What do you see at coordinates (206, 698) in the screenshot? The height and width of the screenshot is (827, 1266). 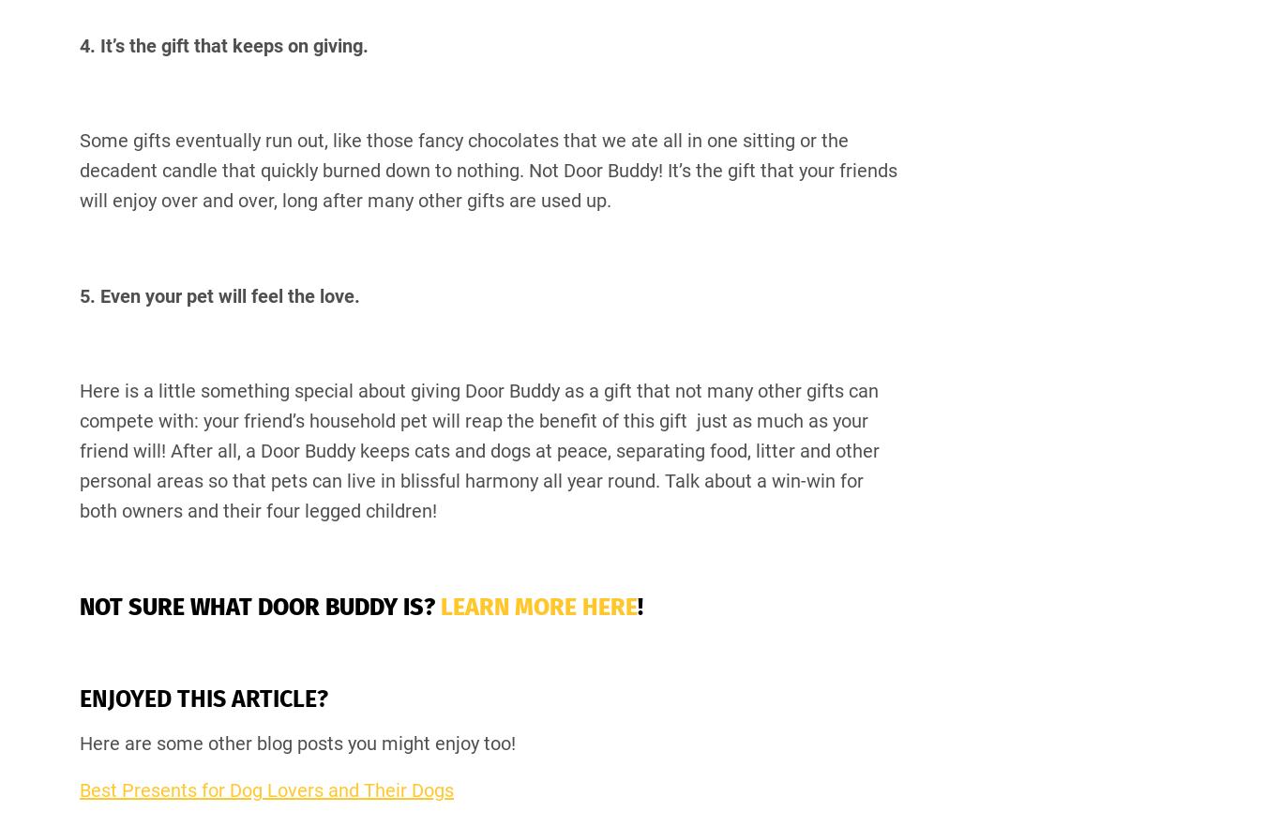 I see `'Enjoyed this Article?'` at bounding box center [206, 698].